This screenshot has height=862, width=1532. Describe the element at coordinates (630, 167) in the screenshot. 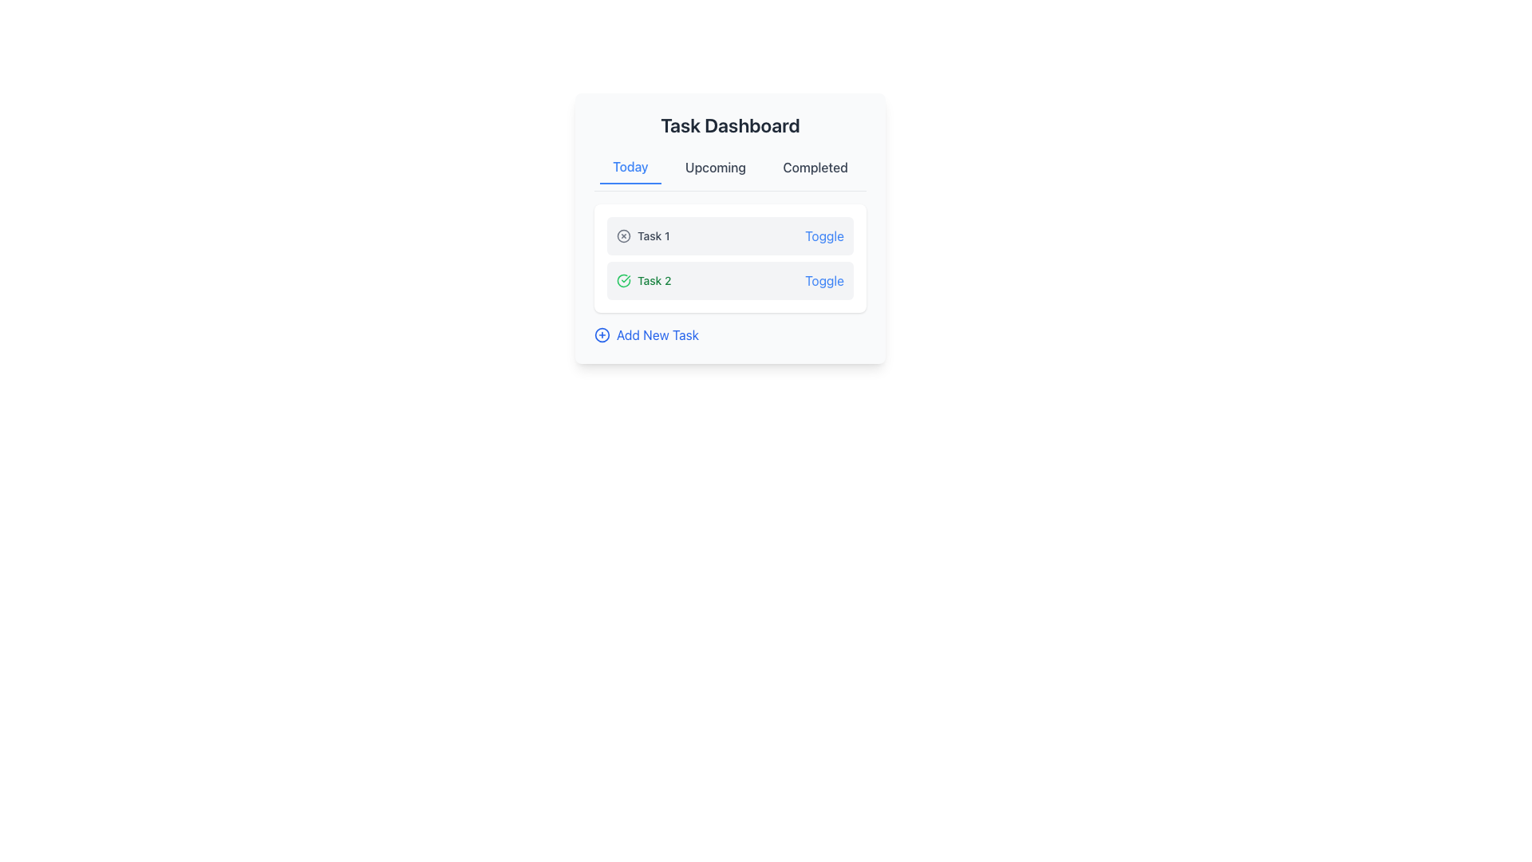

I see `the 'Today' navigation tab, which is styled in blue font with a medium-weight appearance` at that location.